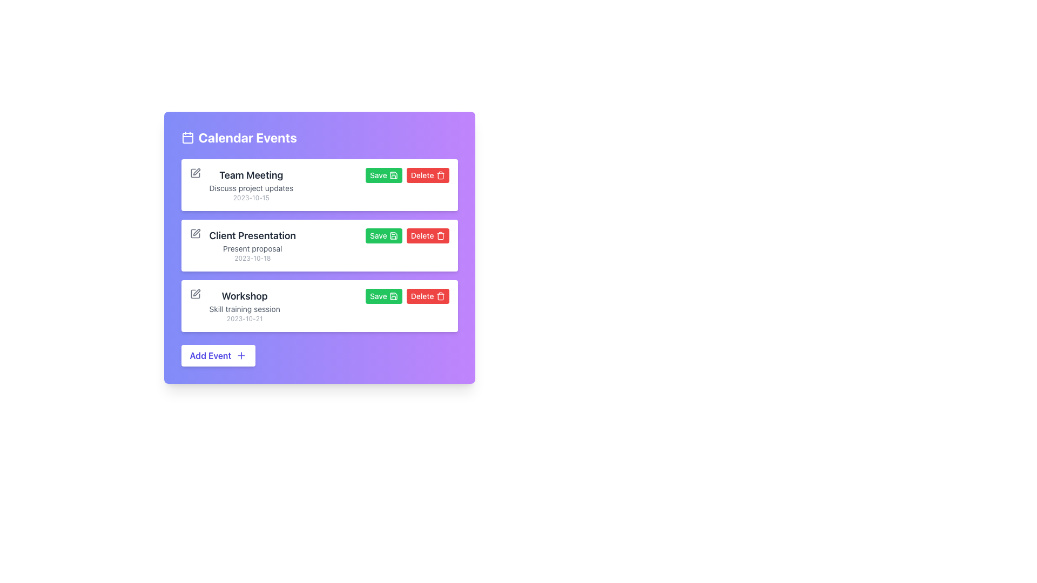 The width and height of the screenshot is (1037, 583). What do you see at coordinates (393, 296) in the screenshot?
I see `the save icon located within the Save button for the third event titled 'Workshop' in the Calendar Events list, which is positioned on the purple card` at bounding box center [393, 296].